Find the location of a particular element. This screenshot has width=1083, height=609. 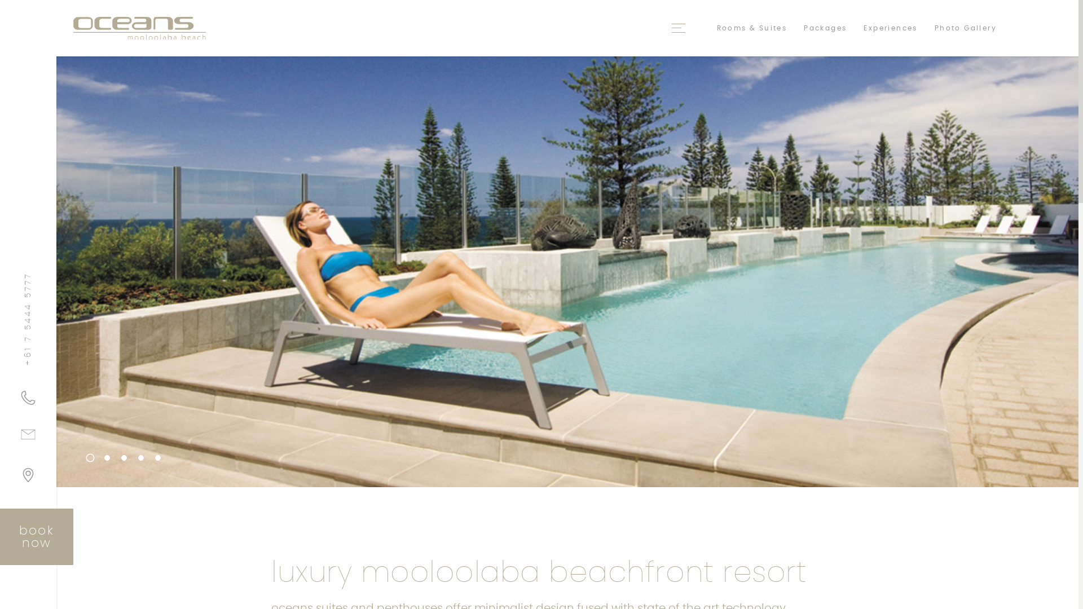

'Oceans Mooloolaba Resort' is located at coordinates (139, 28).